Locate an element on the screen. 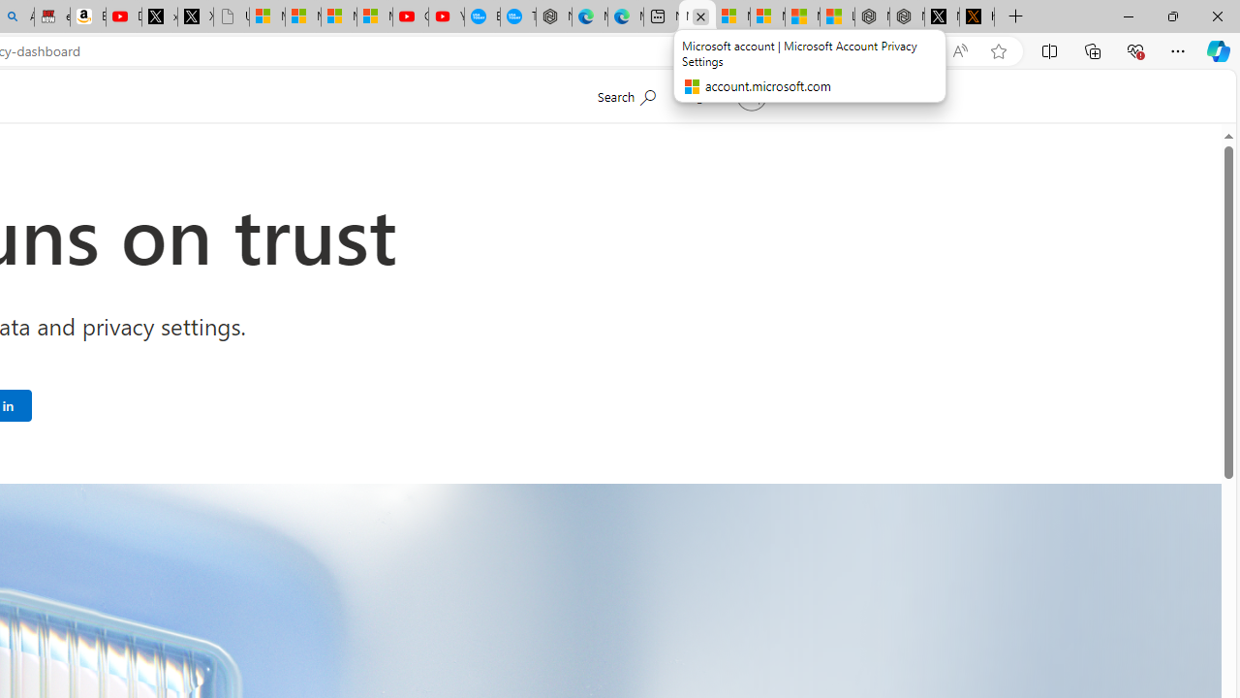 The image size is (1240, 698). 'Settings and more (Alt+F)' is located at coordinates (1177, 49).